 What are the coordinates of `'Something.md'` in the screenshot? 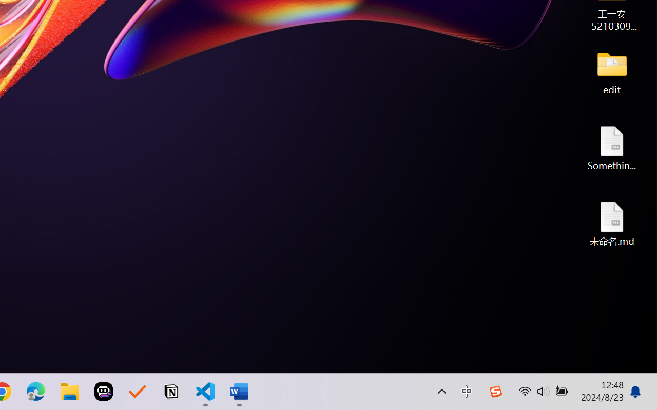 It's located at (612, 148).